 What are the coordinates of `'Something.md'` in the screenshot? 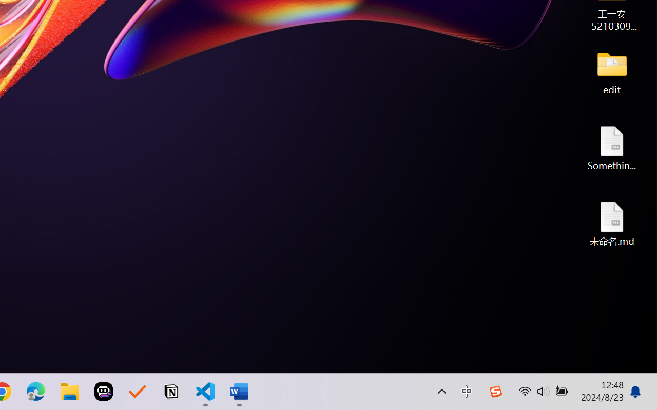 It's located at (612, 148).